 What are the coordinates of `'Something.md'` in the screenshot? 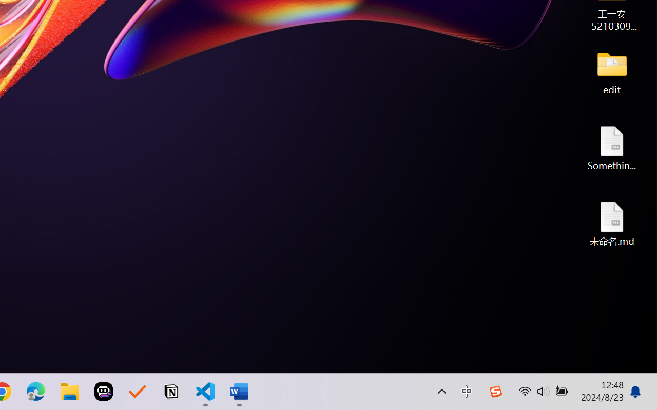 It's located at (612, 148).